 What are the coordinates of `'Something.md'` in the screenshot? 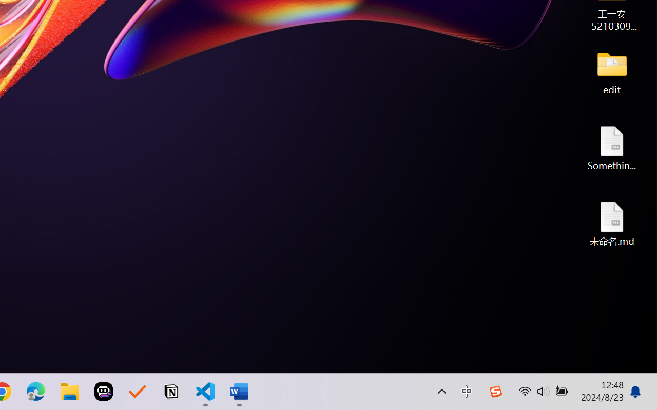 It's located at (612, 148).